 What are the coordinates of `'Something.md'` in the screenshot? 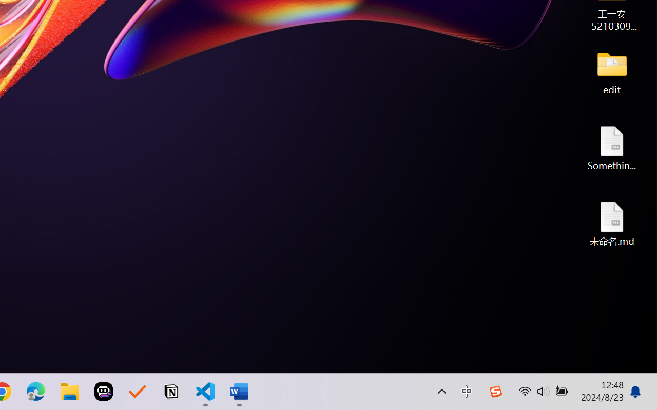 It's located at (612, 148).